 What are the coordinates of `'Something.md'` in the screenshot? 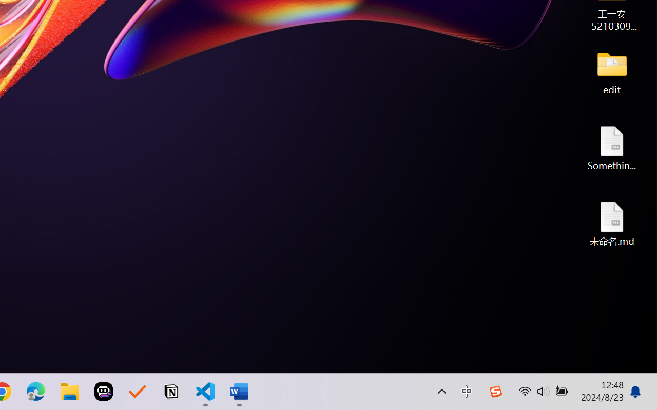 It's located at (612, 148).